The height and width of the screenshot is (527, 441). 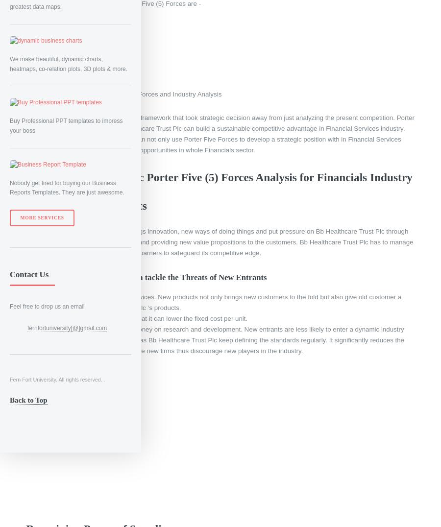 I want to click on 'Nobody get fired for buying our Business Reports Templates. They are just awesome.', so click(x=67, y=187).